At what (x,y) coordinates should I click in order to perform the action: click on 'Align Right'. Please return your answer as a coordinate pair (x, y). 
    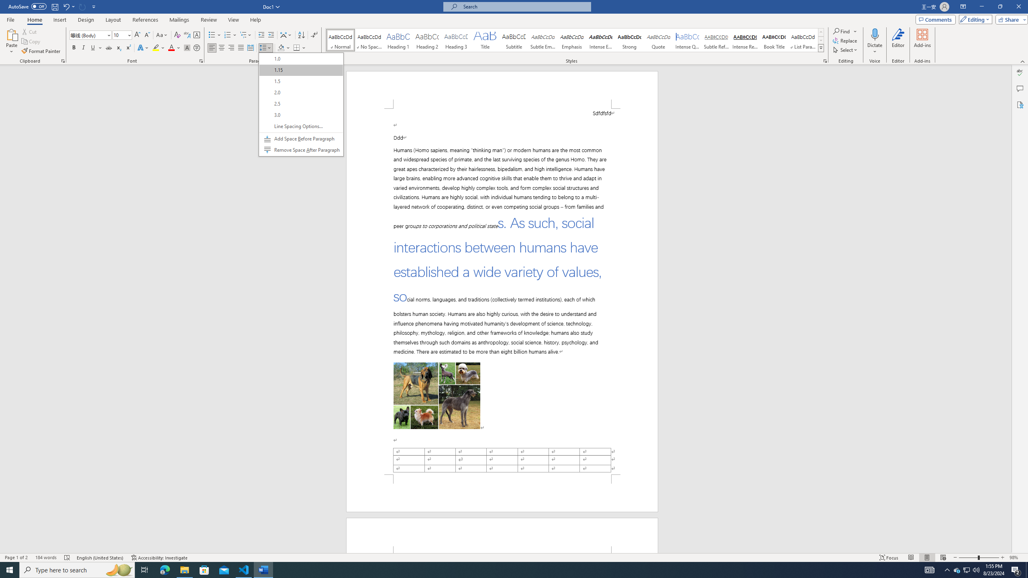
    Looking at the image, I should click on (231, 47).